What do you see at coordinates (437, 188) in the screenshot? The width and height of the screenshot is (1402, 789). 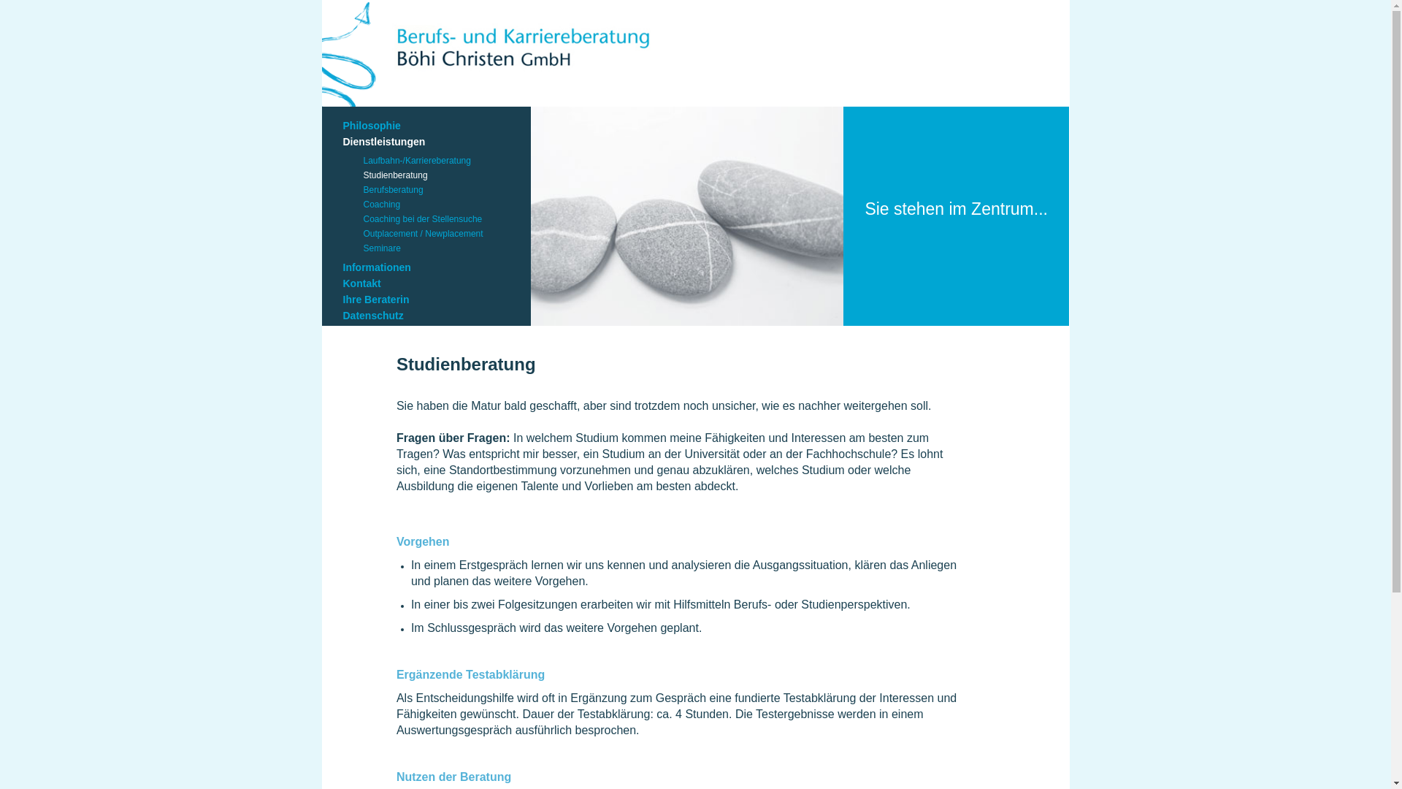 I see `'Berufsberatung'` at bounding box center [437, 188].